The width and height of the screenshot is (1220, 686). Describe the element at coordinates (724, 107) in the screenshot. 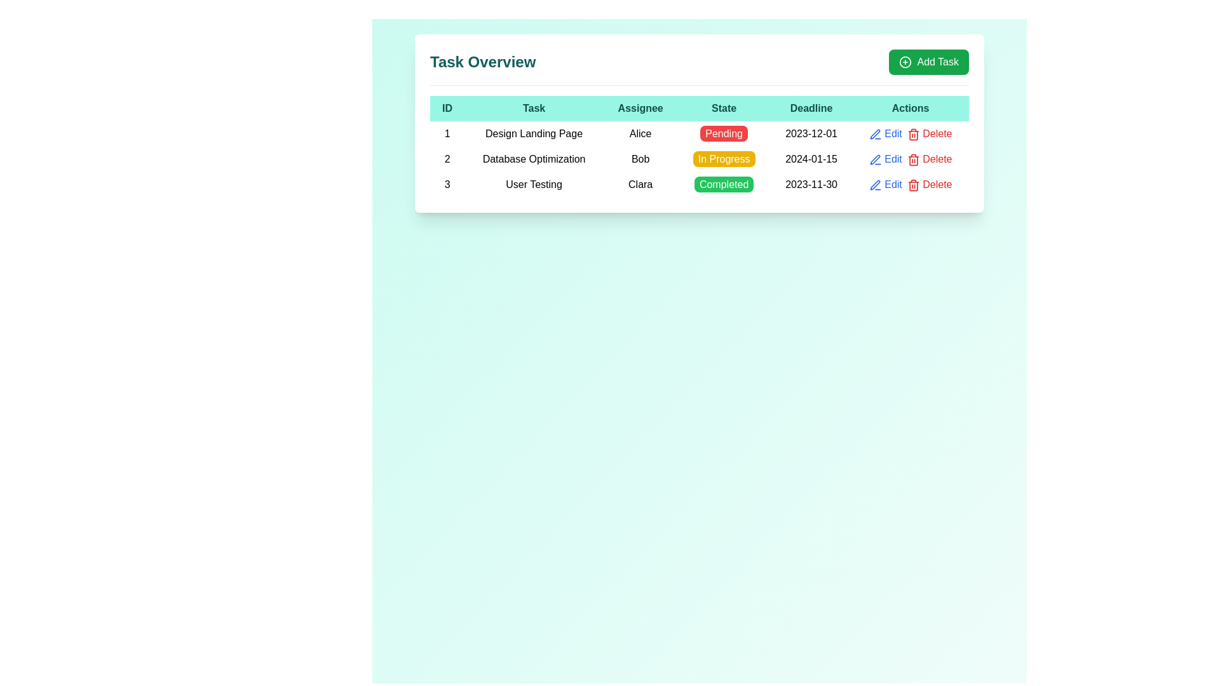

I see `the Table header cell labeled 'State', which has a teal background and bold black text, positioned as the fourth item in the header row` at that location.